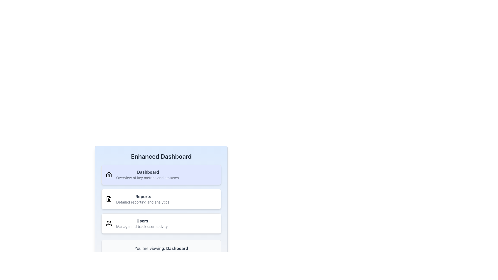 The height and width of the screenshot is (280, 498). Describe the element at coordinates (148, 175) in the screenshot. I see `text content of the Text Display Area, which serves as a summary and title for the 'Dashboard' section, located centrally above the 'Reports' and 'Users' cards` at that location.